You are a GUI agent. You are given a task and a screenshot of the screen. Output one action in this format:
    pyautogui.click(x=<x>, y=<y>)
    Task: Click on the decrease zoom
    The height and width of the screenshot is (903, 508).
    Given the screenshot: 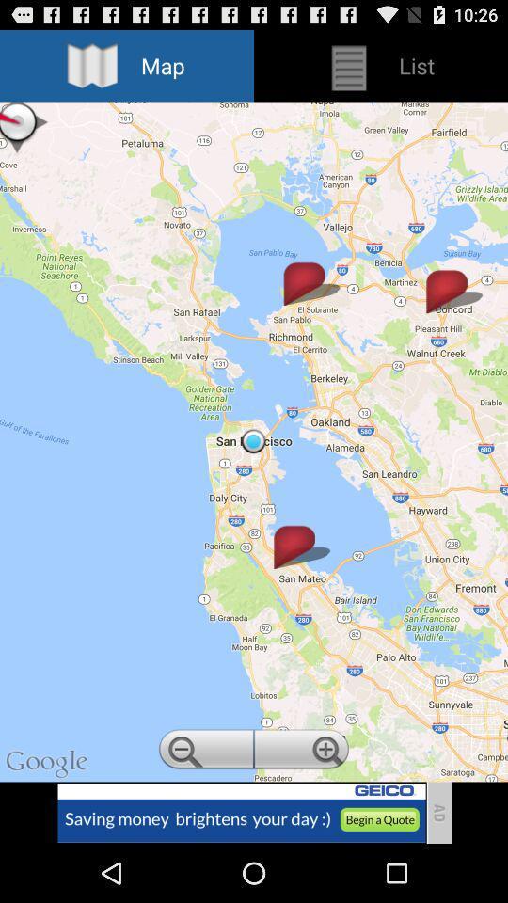 What is the action you would take?
    pyautogui.click(x=203, y=752)
    